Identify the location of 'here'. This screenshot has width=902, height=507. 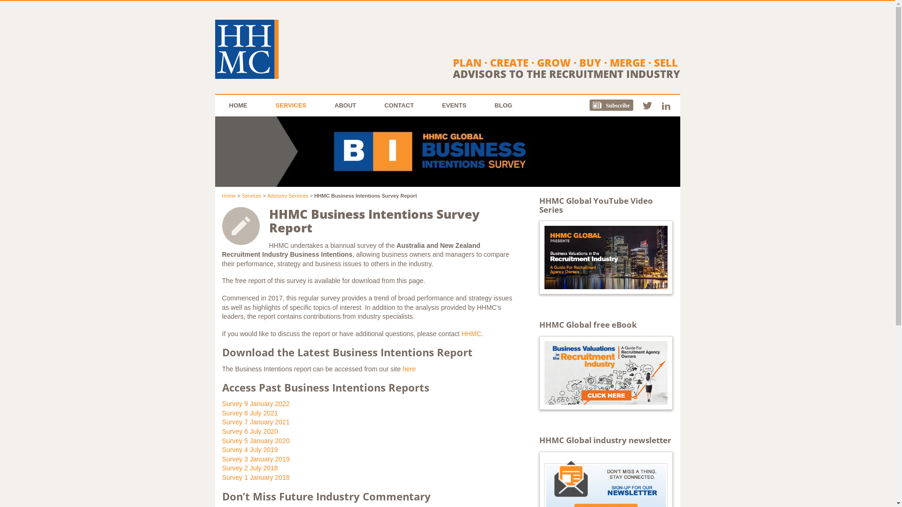
(403, 369).